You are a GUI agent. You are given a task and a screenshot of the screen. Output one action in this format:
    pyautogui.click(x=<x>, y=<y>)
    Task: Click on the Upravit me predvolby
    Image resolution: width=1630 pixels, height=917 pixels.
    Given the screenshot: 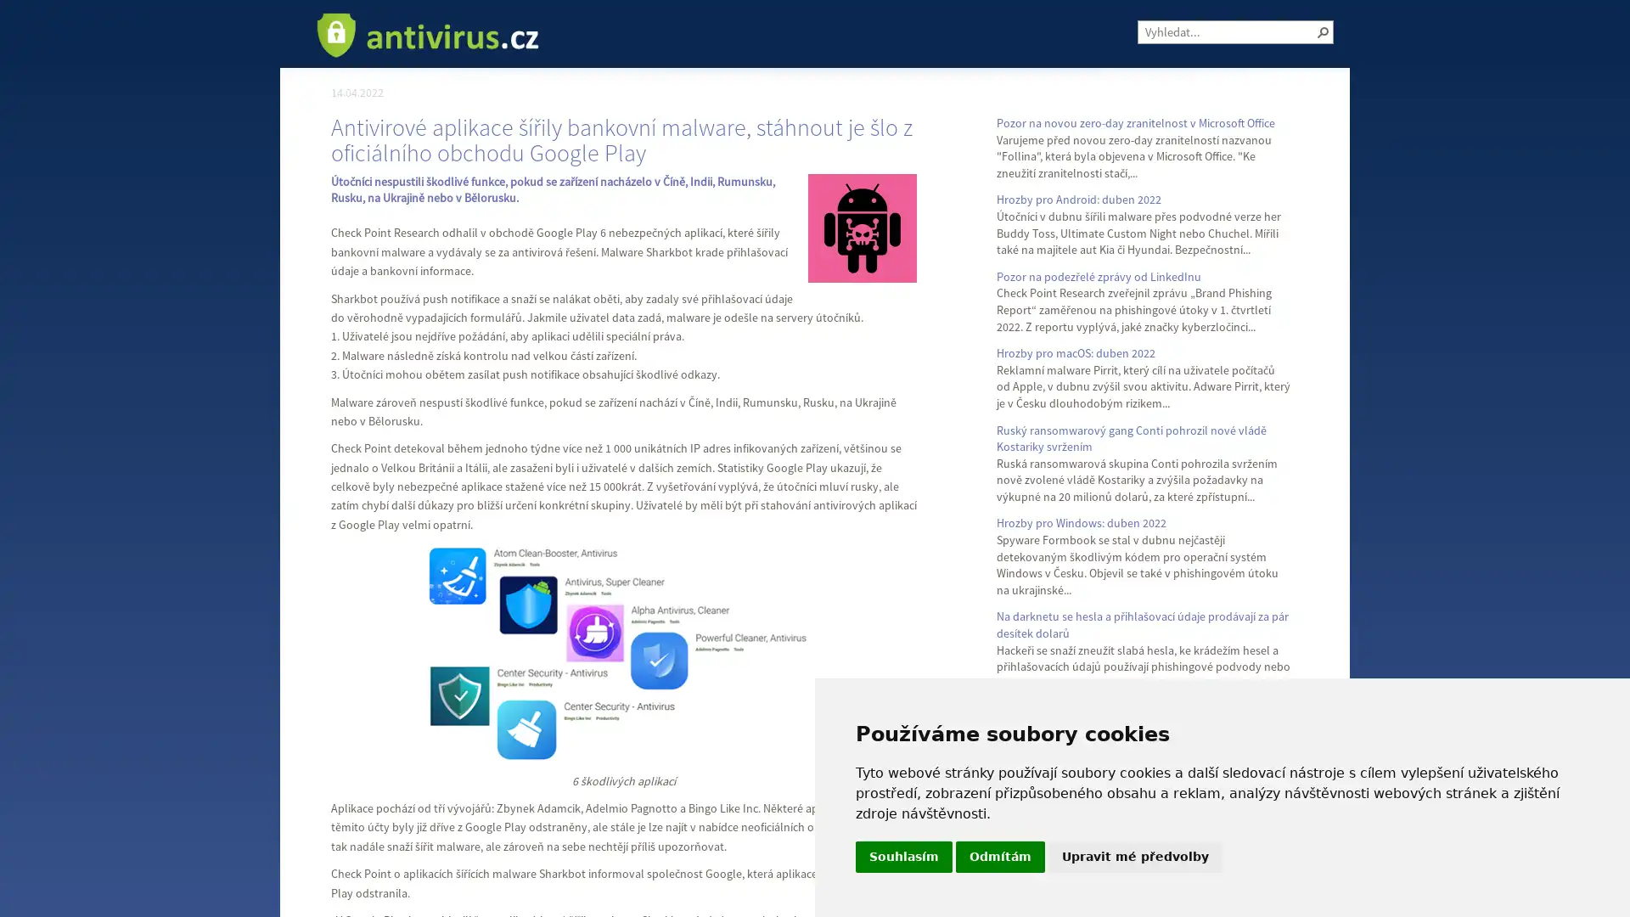 What is the action you would take?
    pyautogui.click(x=1135, y=857)
    